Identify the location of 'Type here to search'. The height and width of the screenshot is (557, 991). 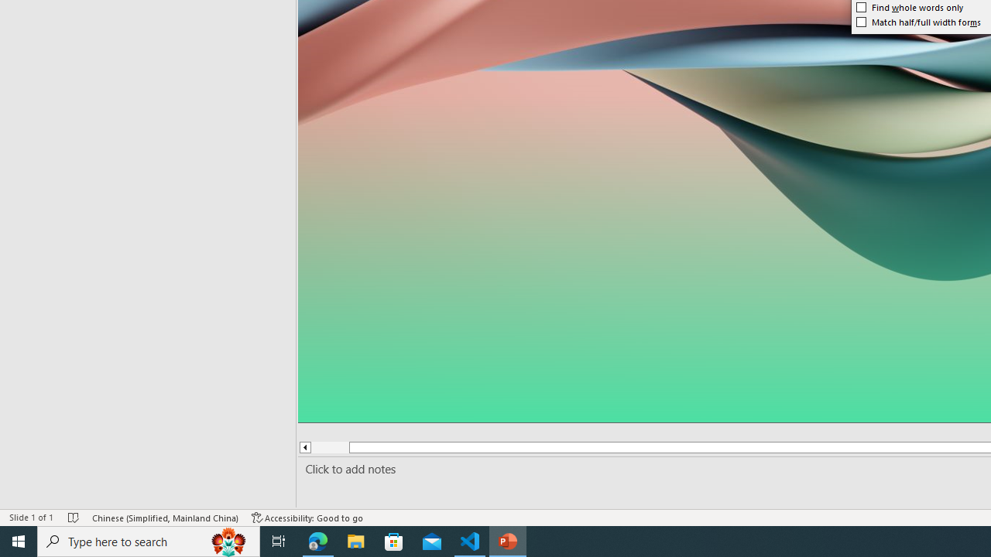
(149, 540).